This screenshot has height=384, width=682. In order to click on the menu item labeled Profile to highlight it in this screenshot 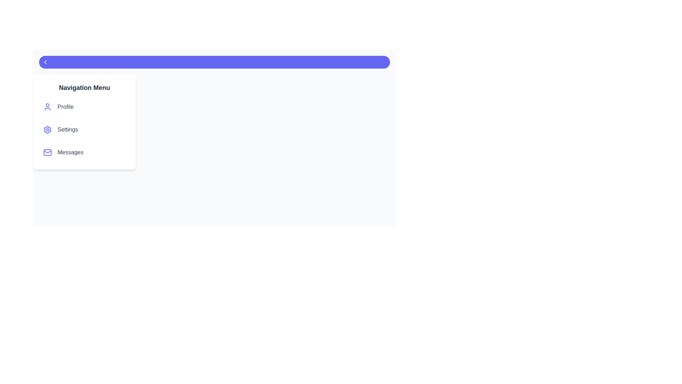, I will do `click(85, 107)`.